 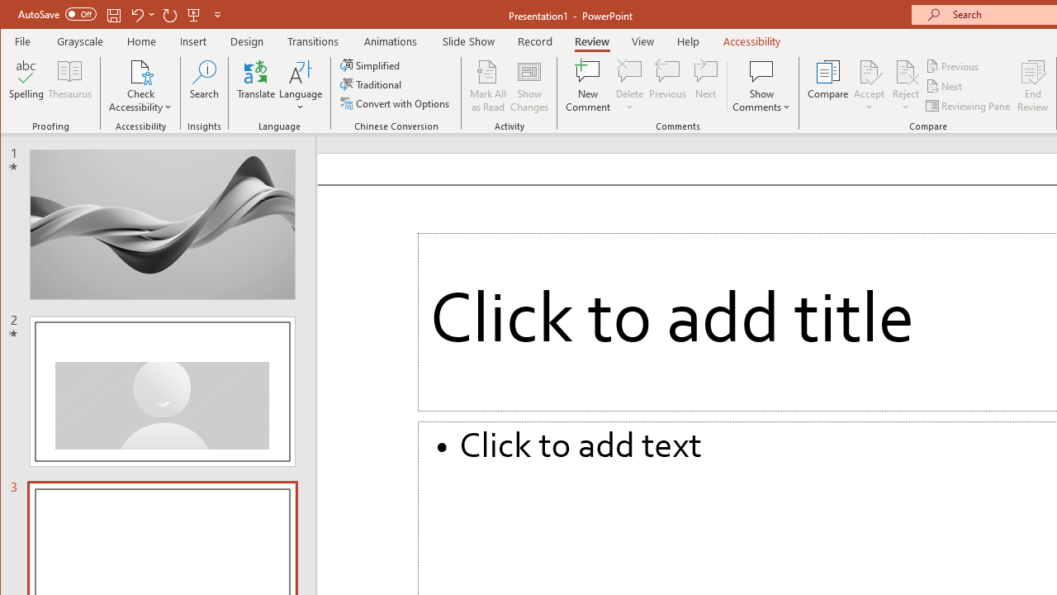 What do you see at coordinates (255, 86) in the screenshot?
I see `'Translate'` at bounding box center [255, 86].